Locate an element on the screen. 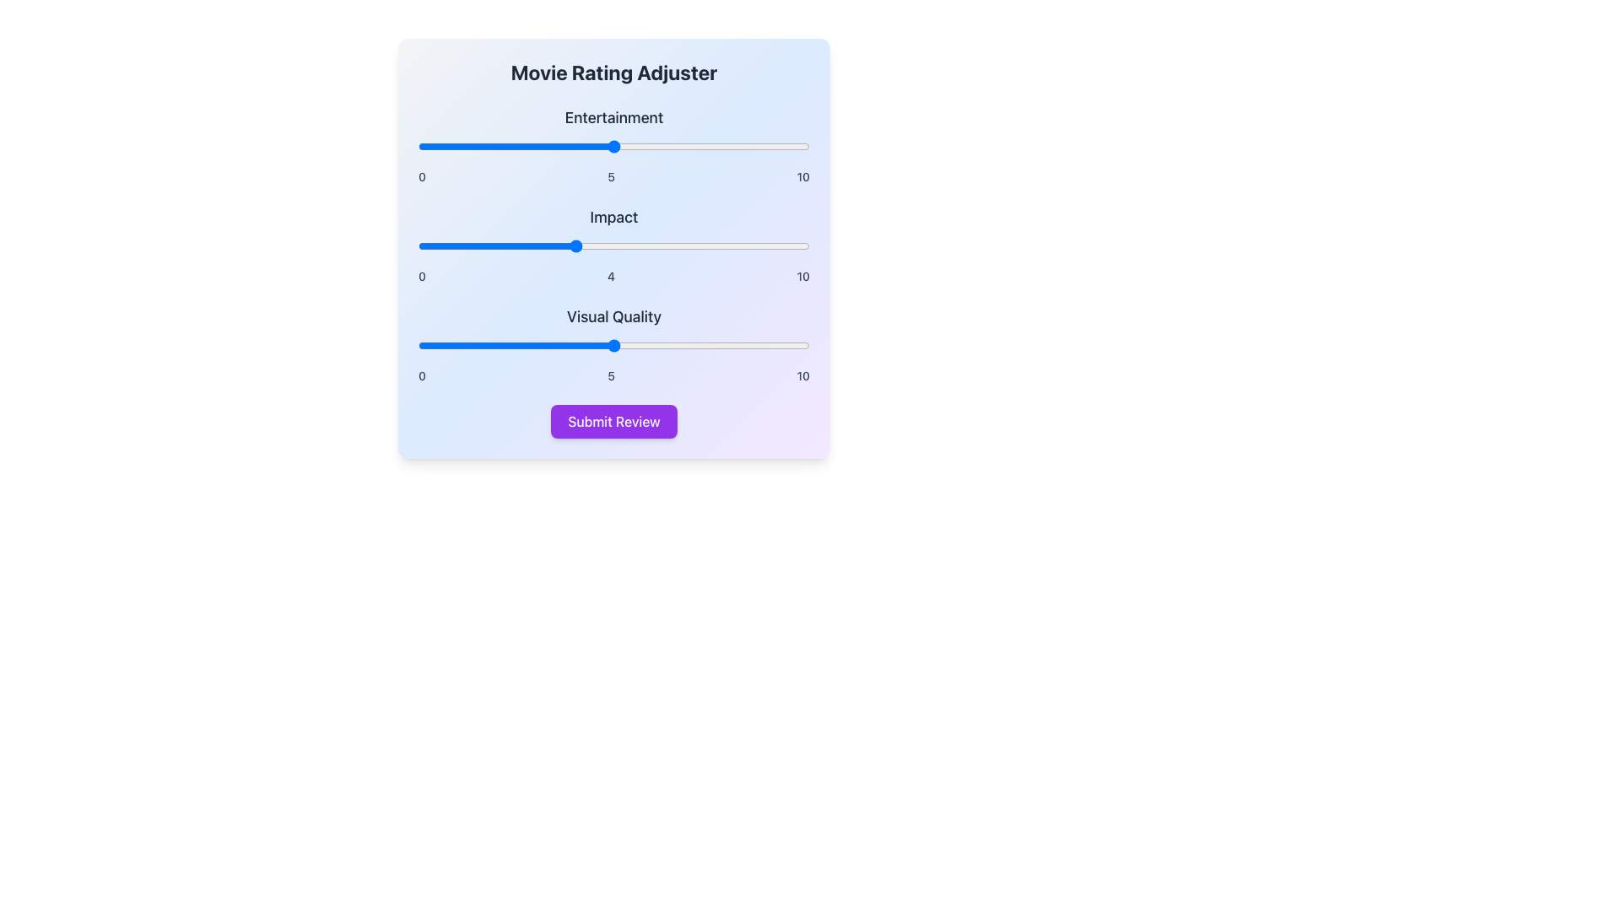 This screenshot has width=1620, height=911. the static text label indicating the minimum value (0) of the 'Entertainment' rating slider, positioned at the far left of the numerical labels is located at coordinates (422, 176).